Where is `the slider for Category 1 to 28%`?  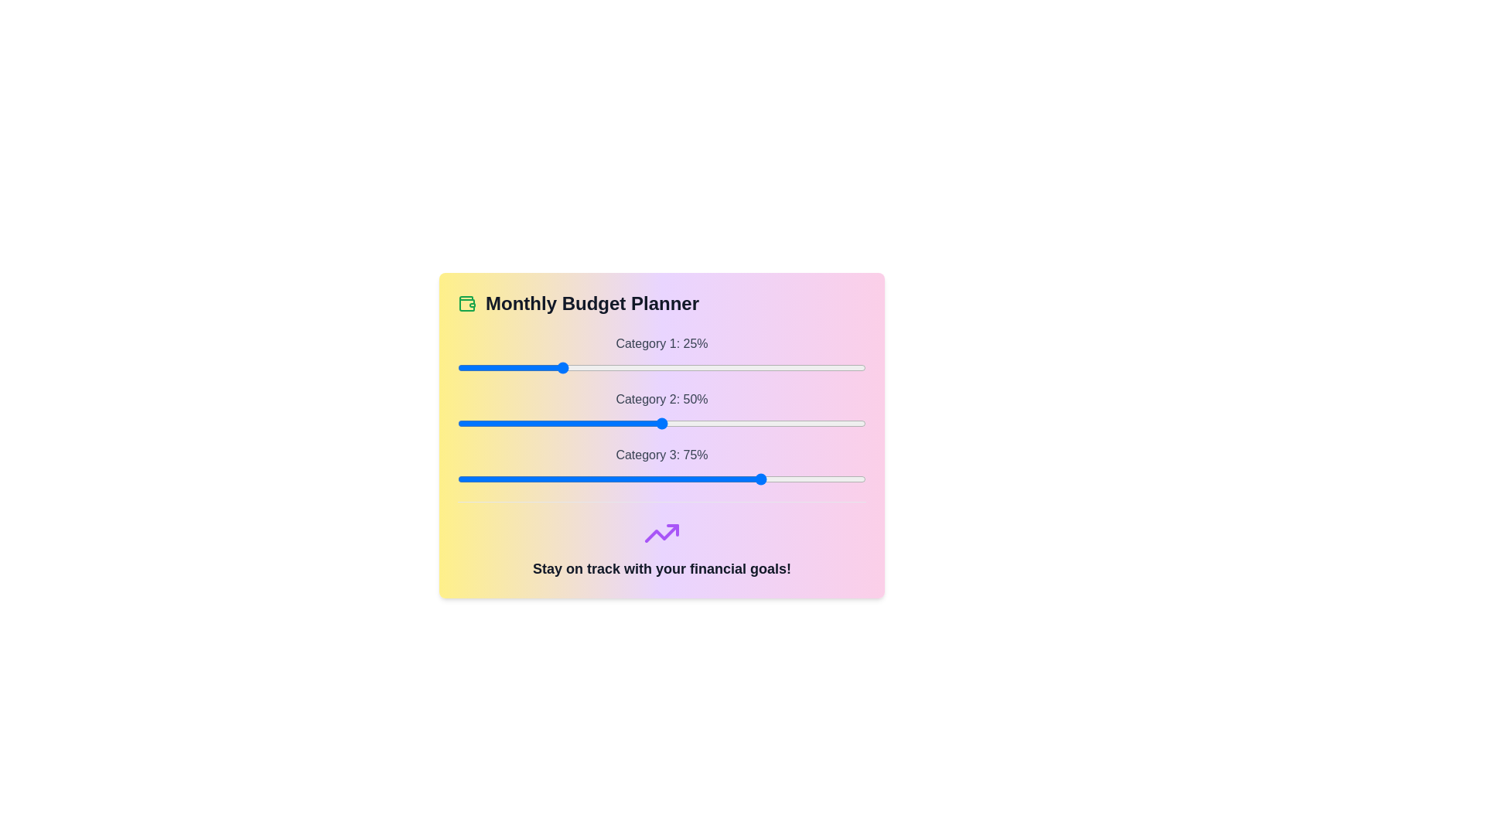
the slider for Category 1 to 28% is located at coordinates (571, 367).